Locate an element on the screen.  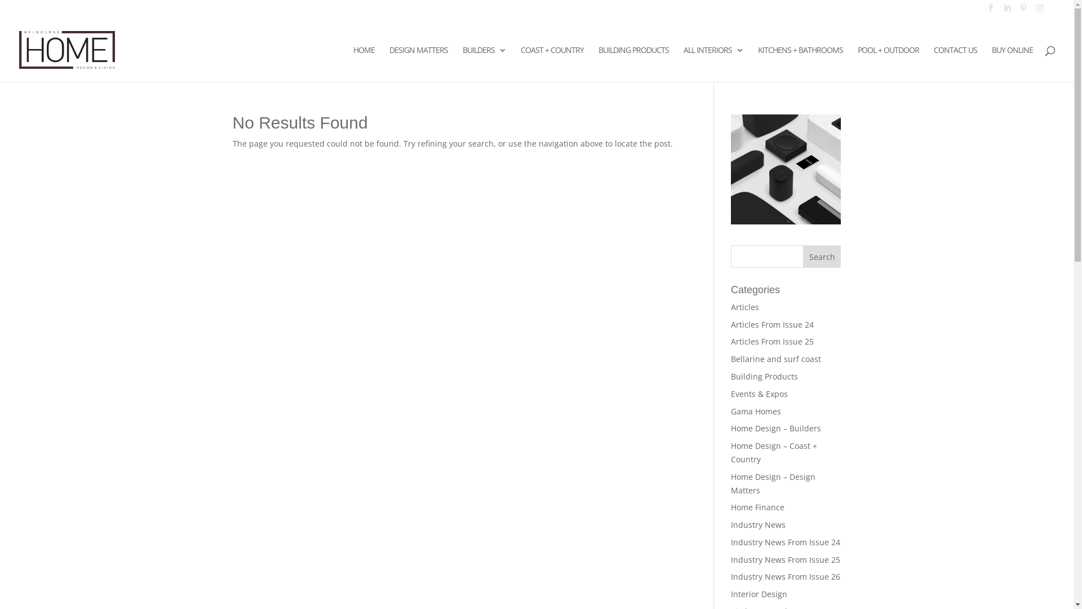
'KITCHENS + BATHROOMS' is located at coordinates (800, 64).